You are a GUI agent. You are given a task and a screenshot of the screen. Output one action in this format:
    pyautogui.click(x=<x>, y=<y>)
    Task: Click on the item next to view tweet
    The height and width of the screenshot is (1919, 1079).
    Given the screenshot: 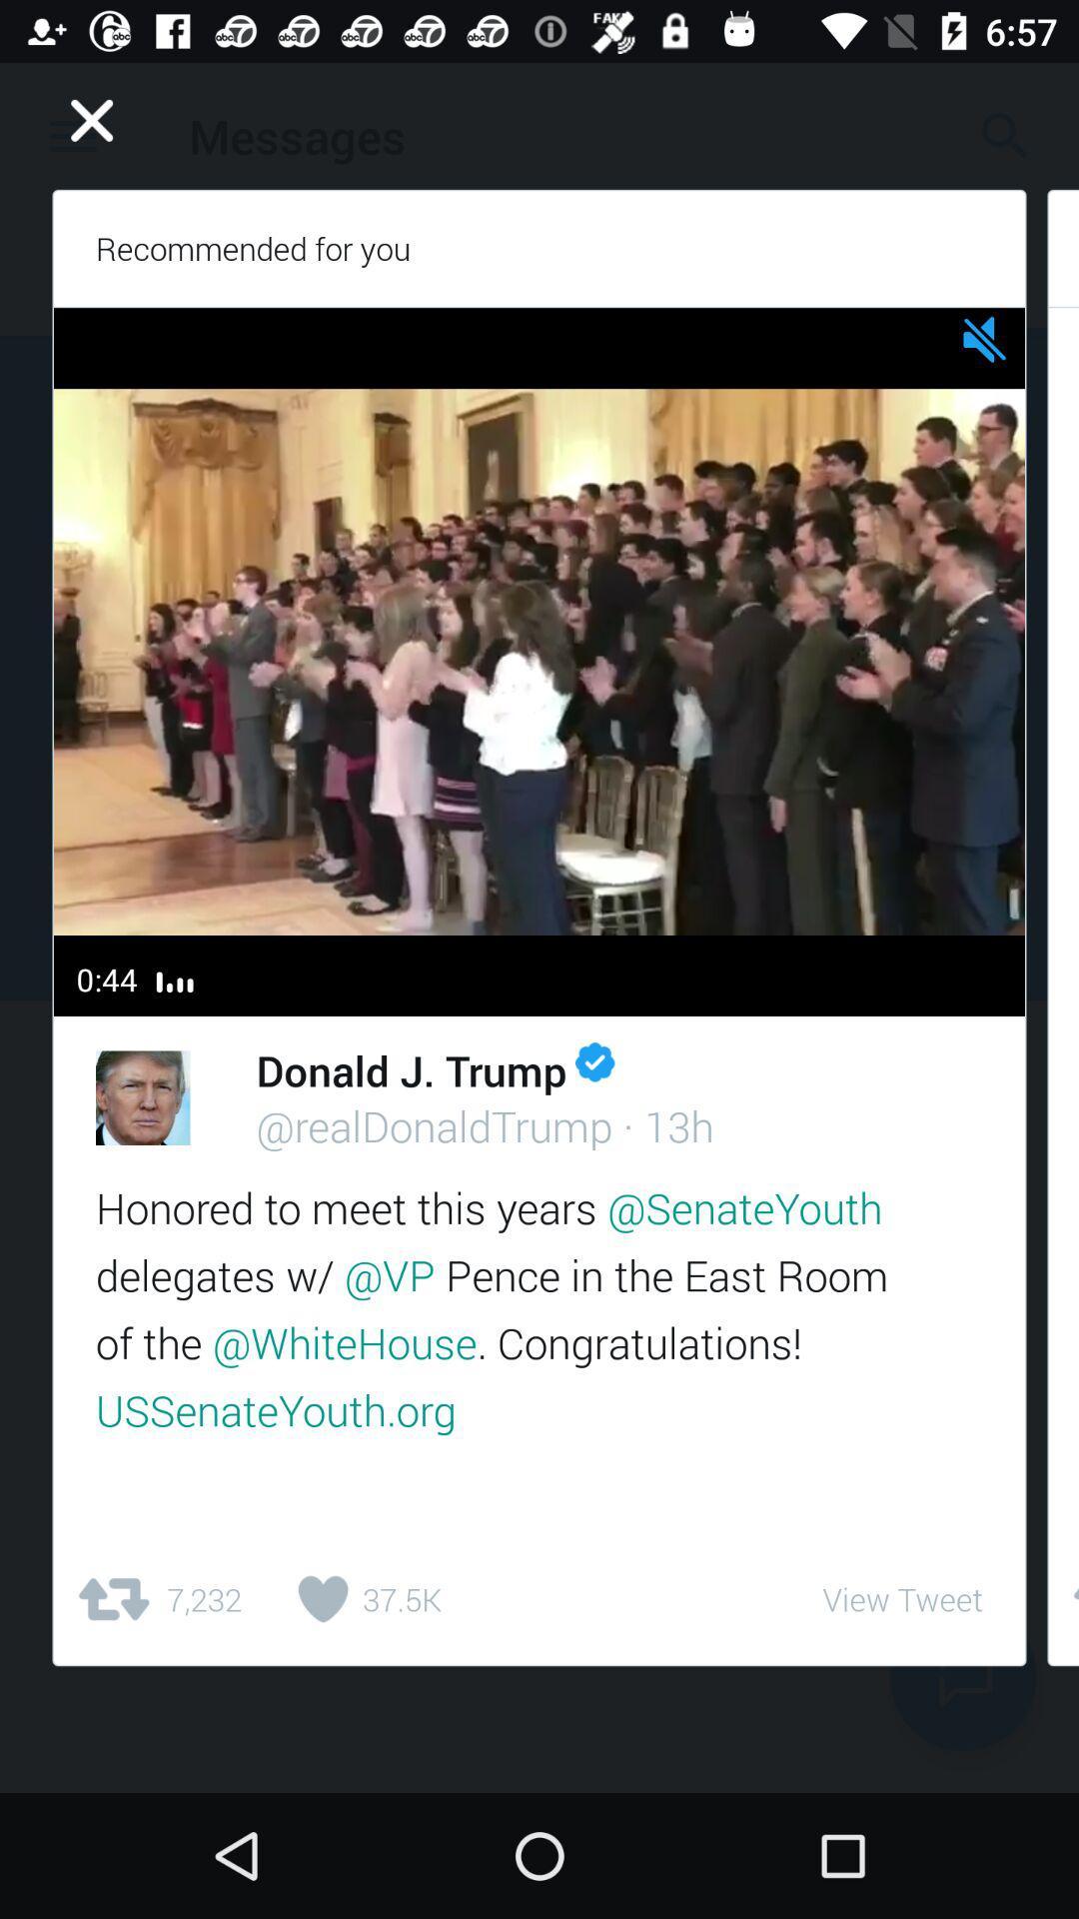 What is the action you would take?
    pyautogui.click(x=1062, y=1599)
    